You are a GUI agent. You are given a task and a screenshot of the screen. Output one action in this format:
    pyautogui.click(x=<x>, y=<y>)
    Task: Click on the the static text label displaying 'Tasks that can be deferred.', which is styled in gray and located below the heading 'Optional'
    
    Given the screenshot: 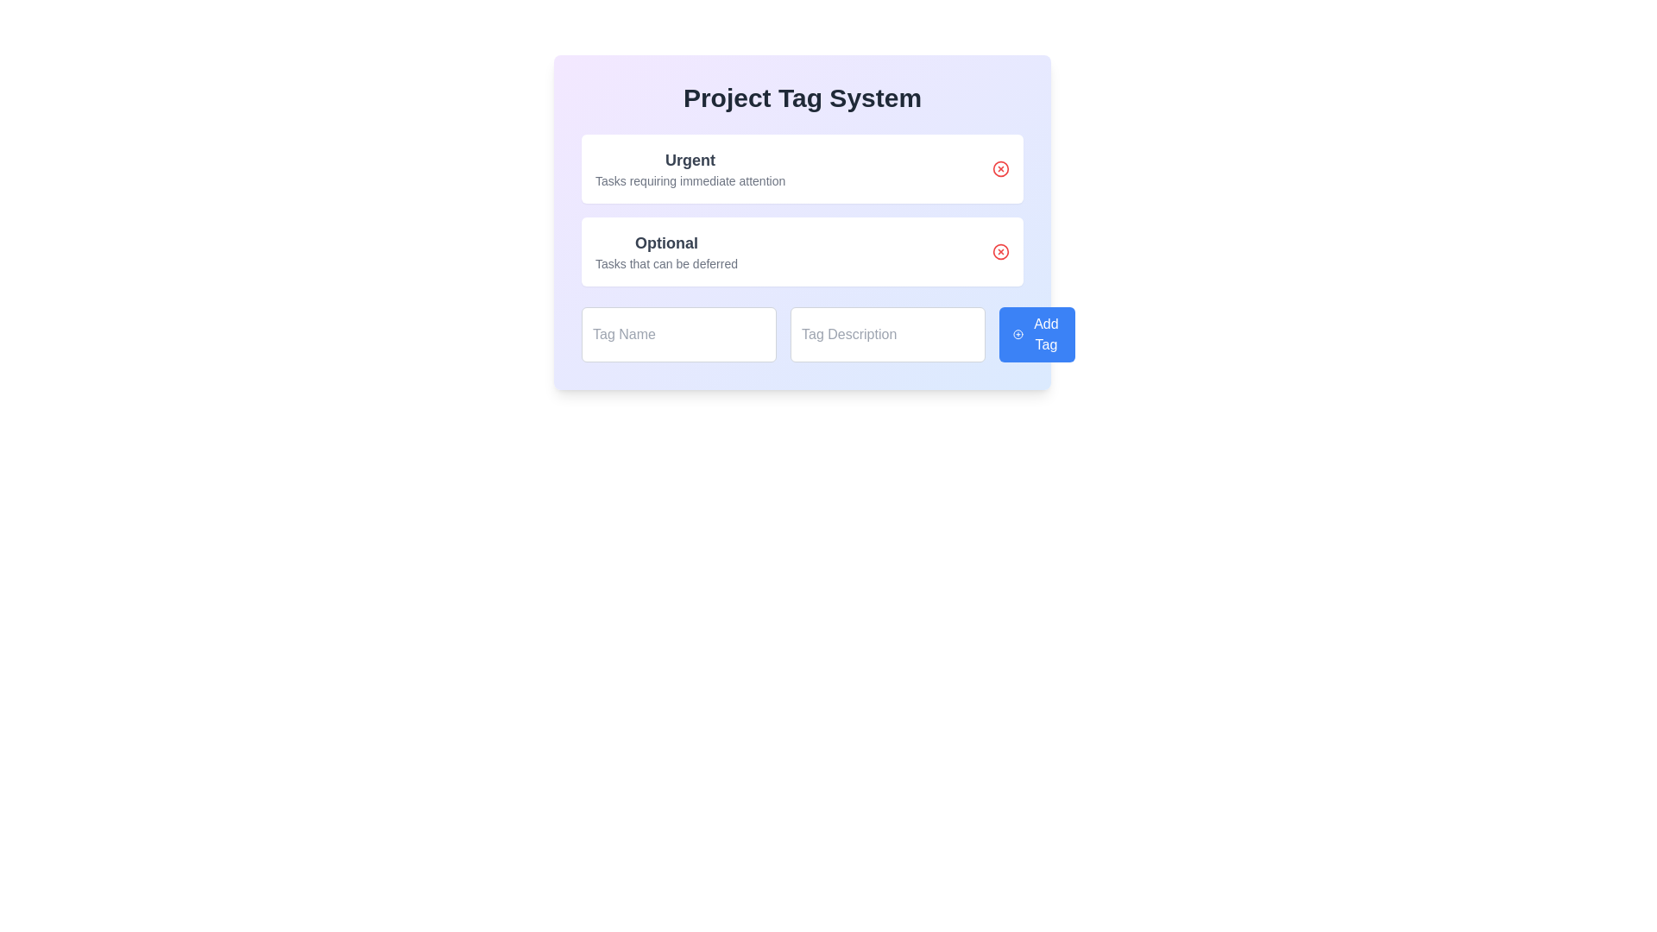 What is the action you would take?
    pyautogui.click(x=665, y=263)
    